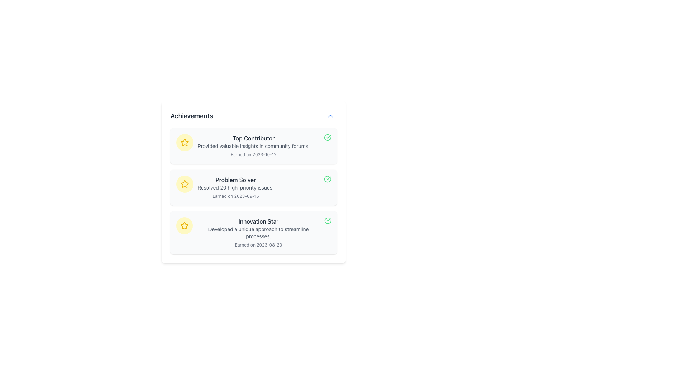 Image resolution: width=689 pixels, height=387 pixels. I want to click on the 'Innovation Star' informational card, which is the third item in a vertical list of achievement cards below the 'Problem Solver' card, so click(253, 233).